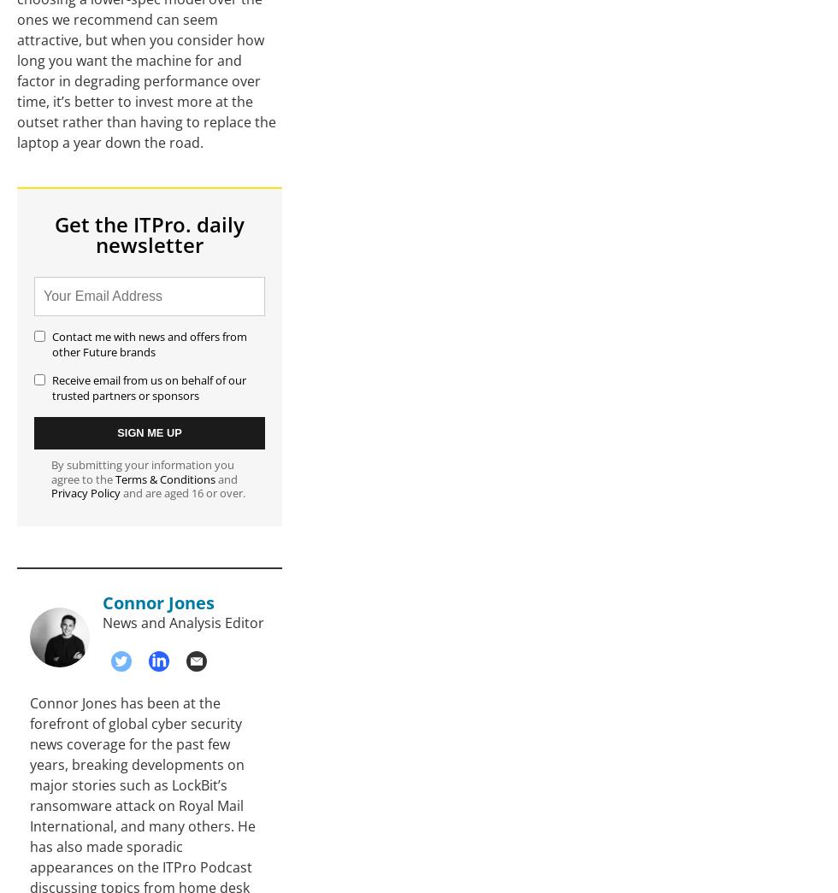 Image resolution: width=838 pixels, height=893 pixels. I want to click on 'and', so click(226, 479).